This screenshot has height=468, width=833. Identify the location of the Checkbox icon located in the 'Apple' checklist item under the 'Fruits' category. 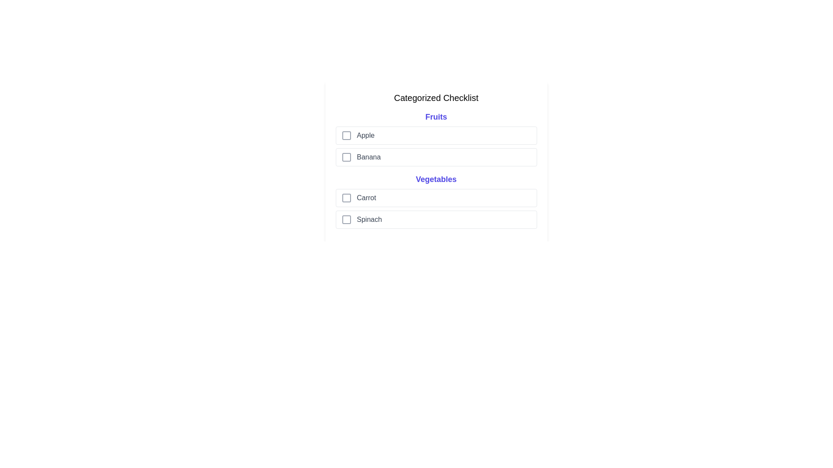
(346, 135).